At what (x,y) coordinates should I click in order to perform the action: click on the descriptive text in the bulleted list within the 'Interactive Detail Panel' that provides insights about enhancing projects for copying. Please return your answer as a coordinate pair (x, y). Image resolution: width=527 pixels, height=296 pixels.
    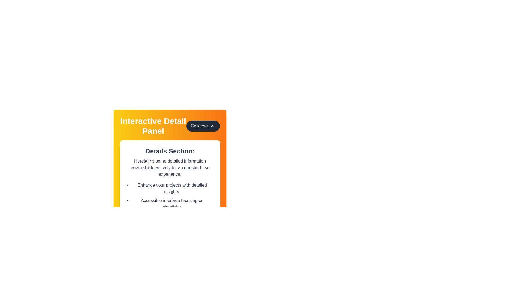
    Looking at the image, I should click on (172, 188).